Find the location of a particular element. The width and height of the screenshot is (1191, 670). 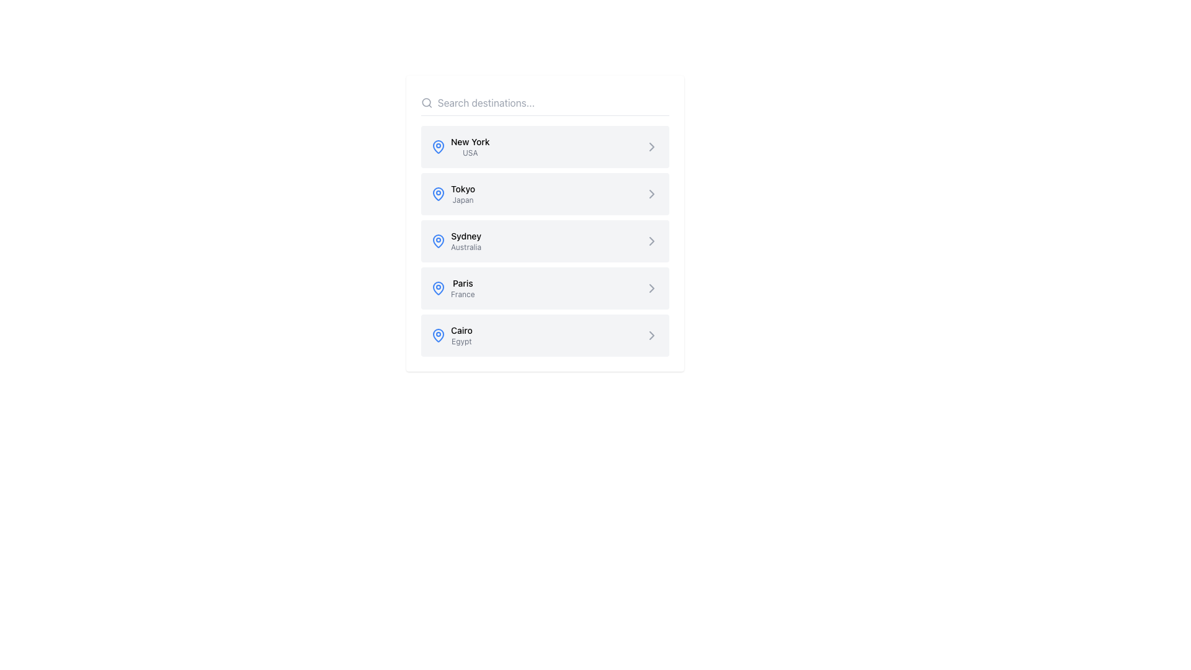

the Chevron Icon located to the right of the 'Paris' and 'France' text elements is located at coordinates (651, 288).